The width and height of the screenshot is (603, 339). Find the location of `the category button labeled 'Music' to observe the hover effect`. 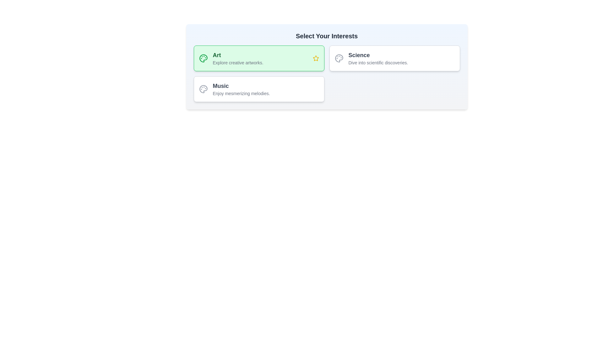

the category button labeled 'Music' to observe the hover effect is located at coordinates (259, 89).